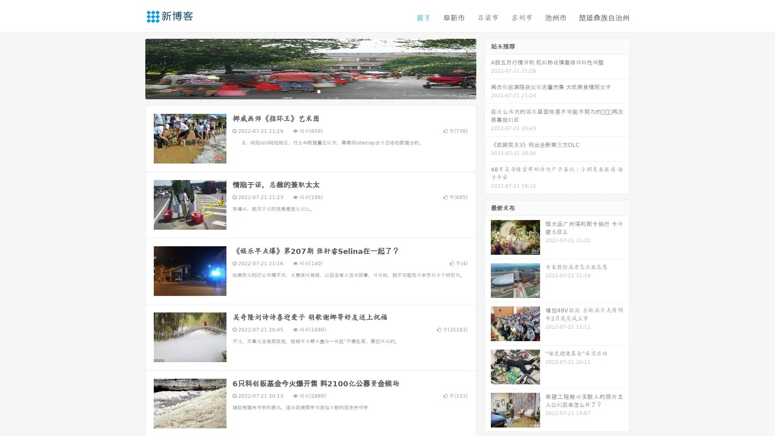 This screenshot has width=775, height=436. What do you see at coordinates (488, 68) in the screenshot?
I see `Next slide` at bounding box center [488, 68].